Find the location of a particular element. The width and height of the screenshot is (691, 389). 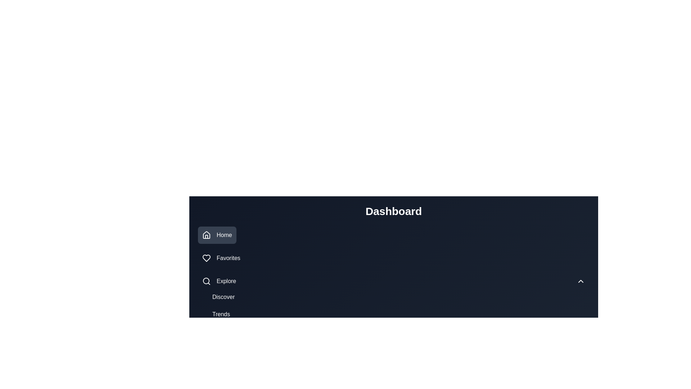

the 'Explore' button located in the vertical menu on the left-hand side, positioned below 'Favorites' and above 'Discover' is located at coordinates (219, 281).